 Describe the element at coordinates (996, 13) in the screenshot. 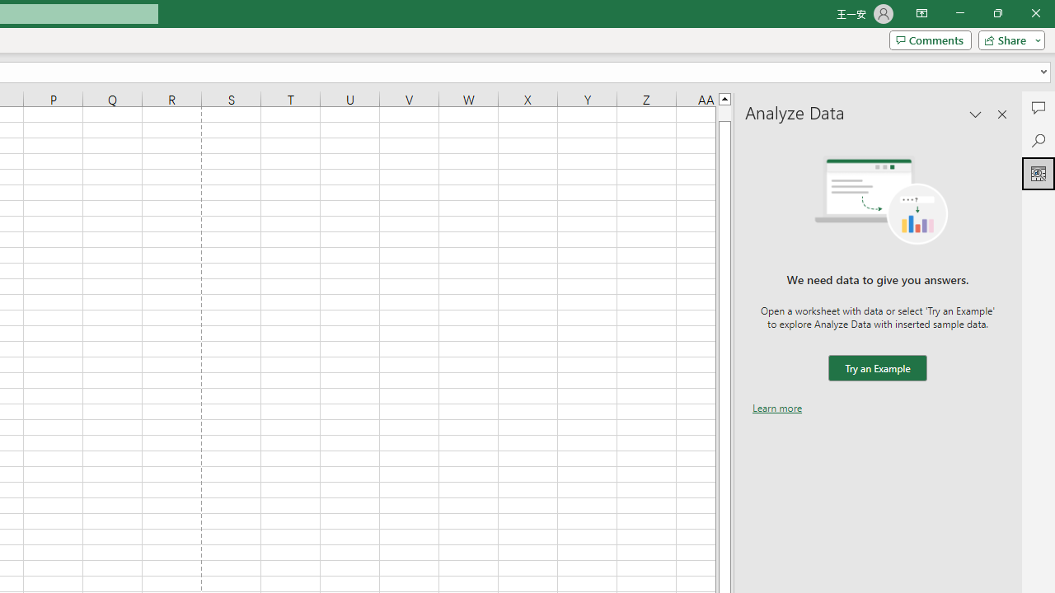

I see `'Restore Down'` at that location.